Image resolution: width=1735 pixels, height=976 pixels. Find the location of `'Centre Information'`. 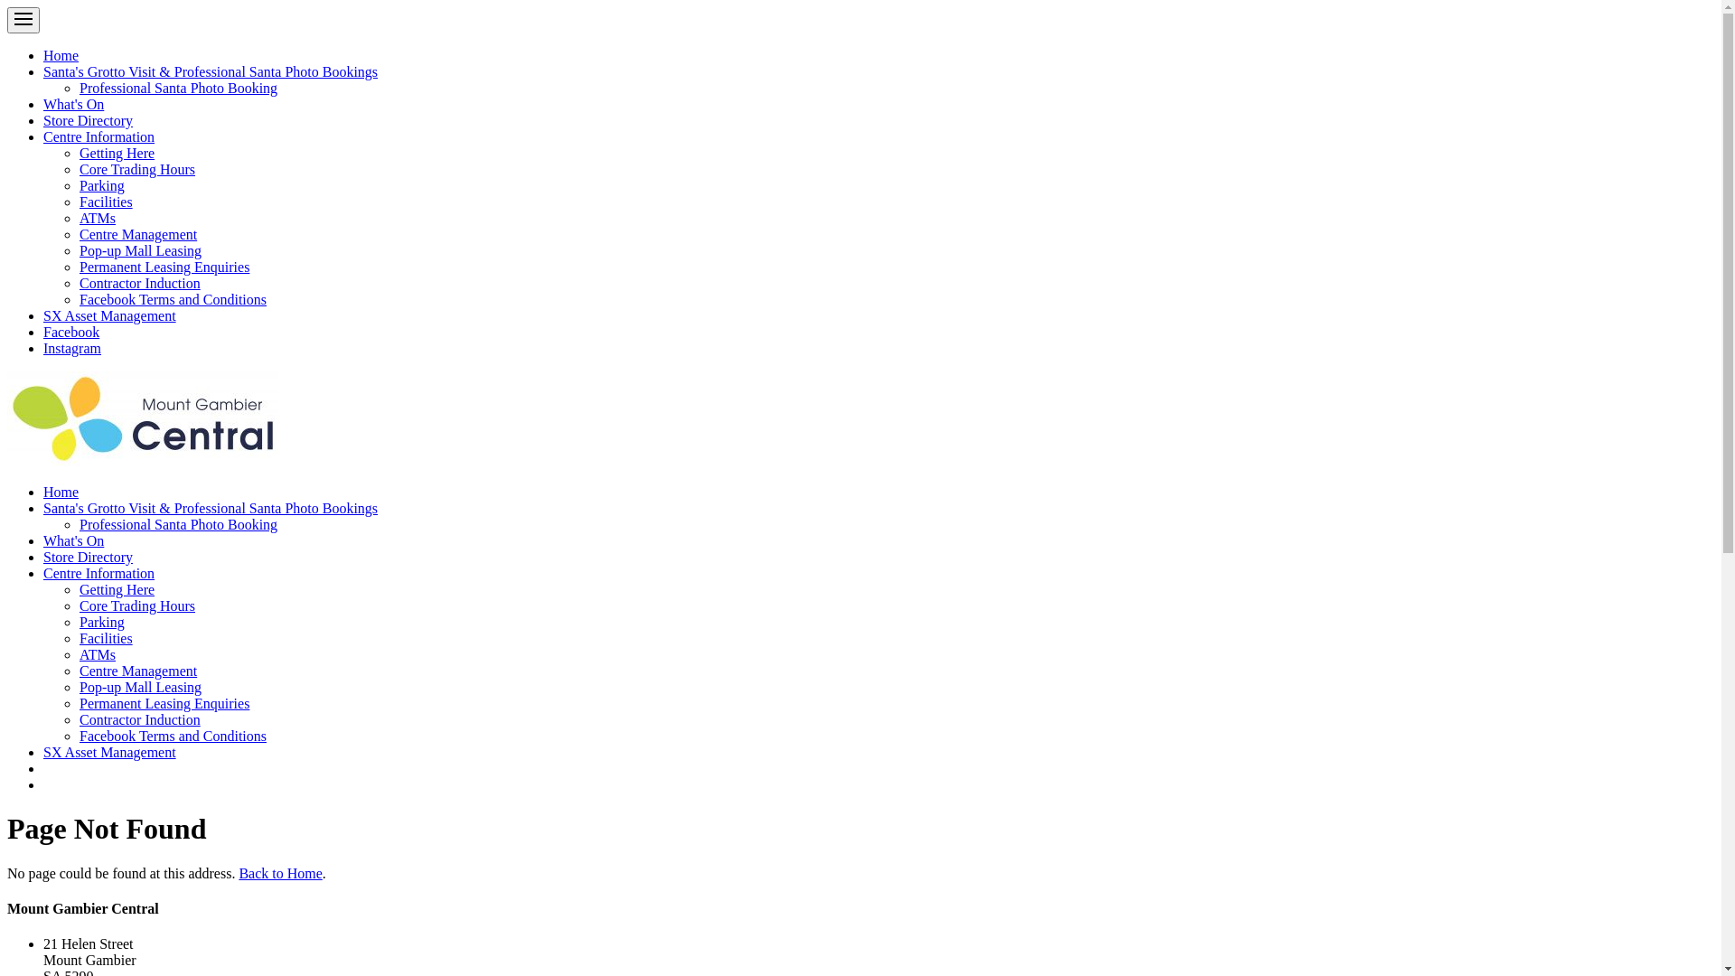

'Centre Information' is located at coordinates (43, 573).